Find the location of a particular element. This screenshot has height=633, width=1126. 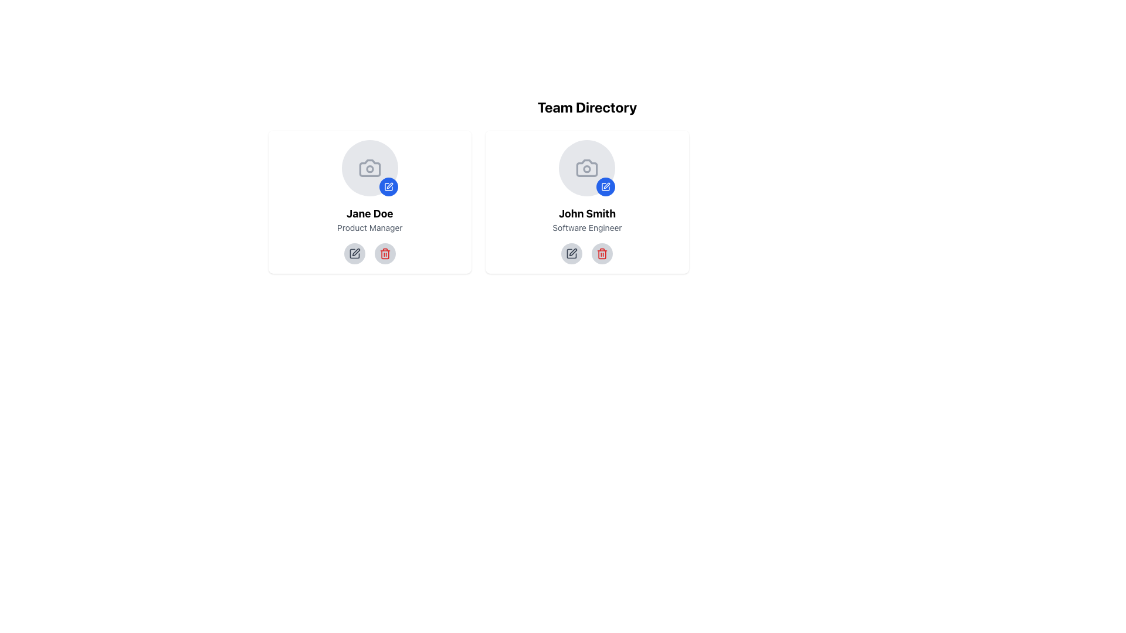

the small, circular, blue button with a white pen icon located at the bottom-right corner of Jane Doe's profile picture area is located at coordinates (388, 186).